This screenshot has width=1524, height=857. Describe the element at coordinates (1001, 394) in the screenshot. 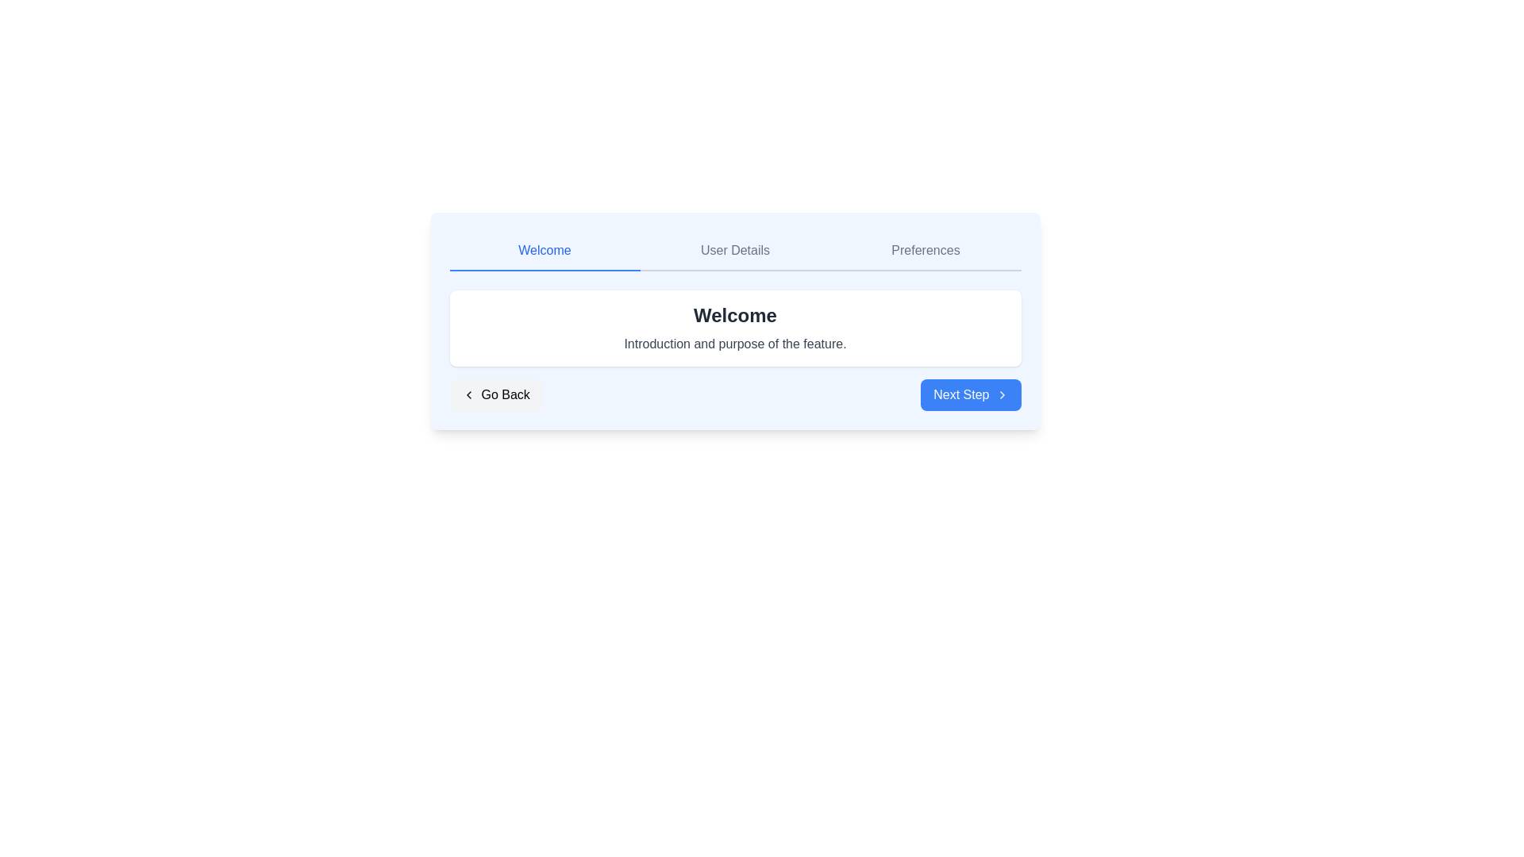

I see `the design of the distinct rightward-facing chevron icon within the blue rectangular button labeled 'Next Step', located at the bottom-right corner of the content panel` at that location.